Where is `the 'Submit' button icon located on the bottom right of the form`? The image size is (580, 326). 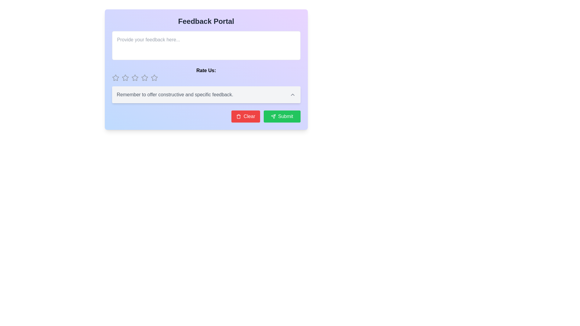 the 'Submit' button icon located on the bottom right of the form is located at coordinates (273, 116).